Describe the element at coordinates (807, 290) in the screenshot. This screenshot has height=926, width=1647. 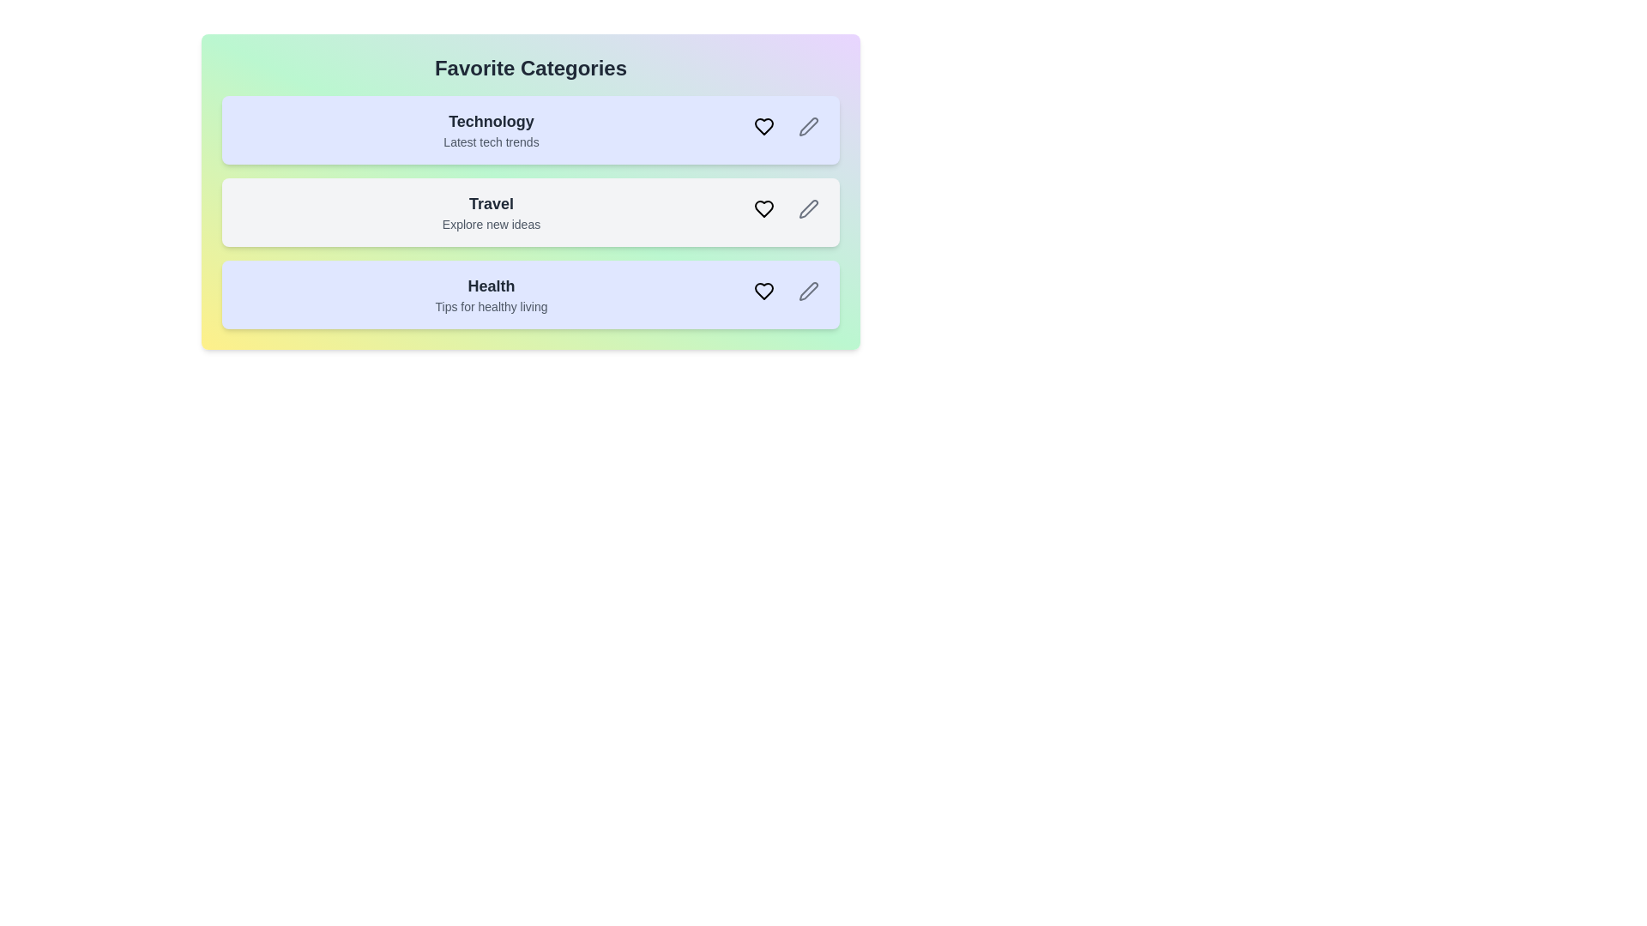
I see `the edit button for the category Health` at that location.